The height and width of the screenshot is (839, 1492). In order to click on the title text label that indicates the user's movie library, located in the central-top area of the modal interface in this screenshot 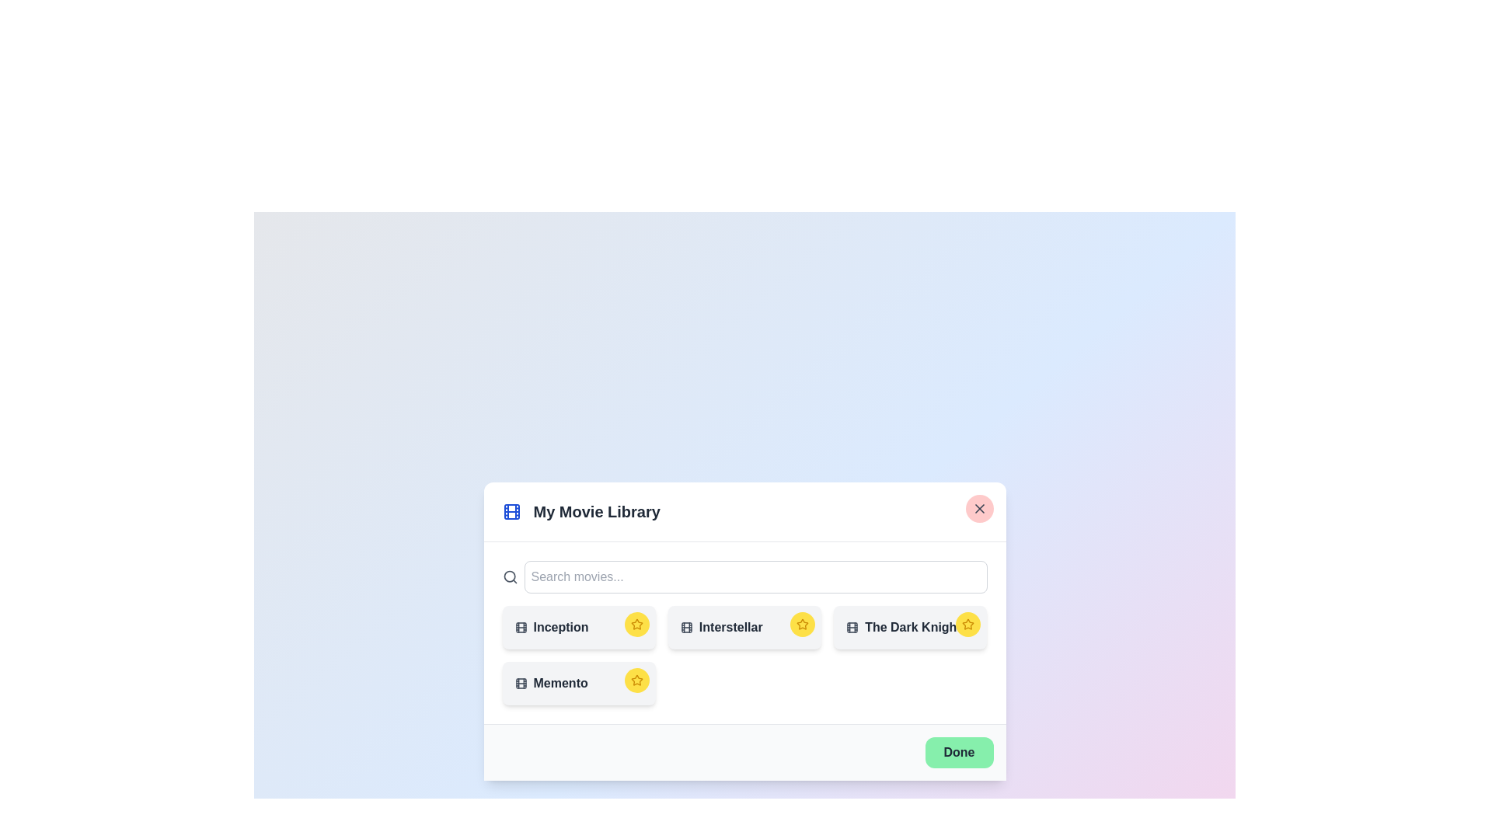, I will do `click(596, 512)`.